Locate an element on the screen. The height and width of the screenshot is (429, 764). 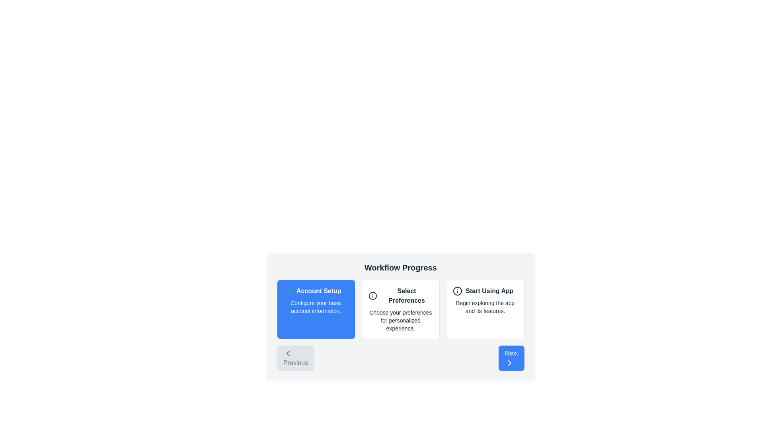
the backward navigation icon located within the 'Previous' button section, which is positioned towards the lower-left corner of the interface under the 'Account Setup' panel is located at coordinates (288, 353).